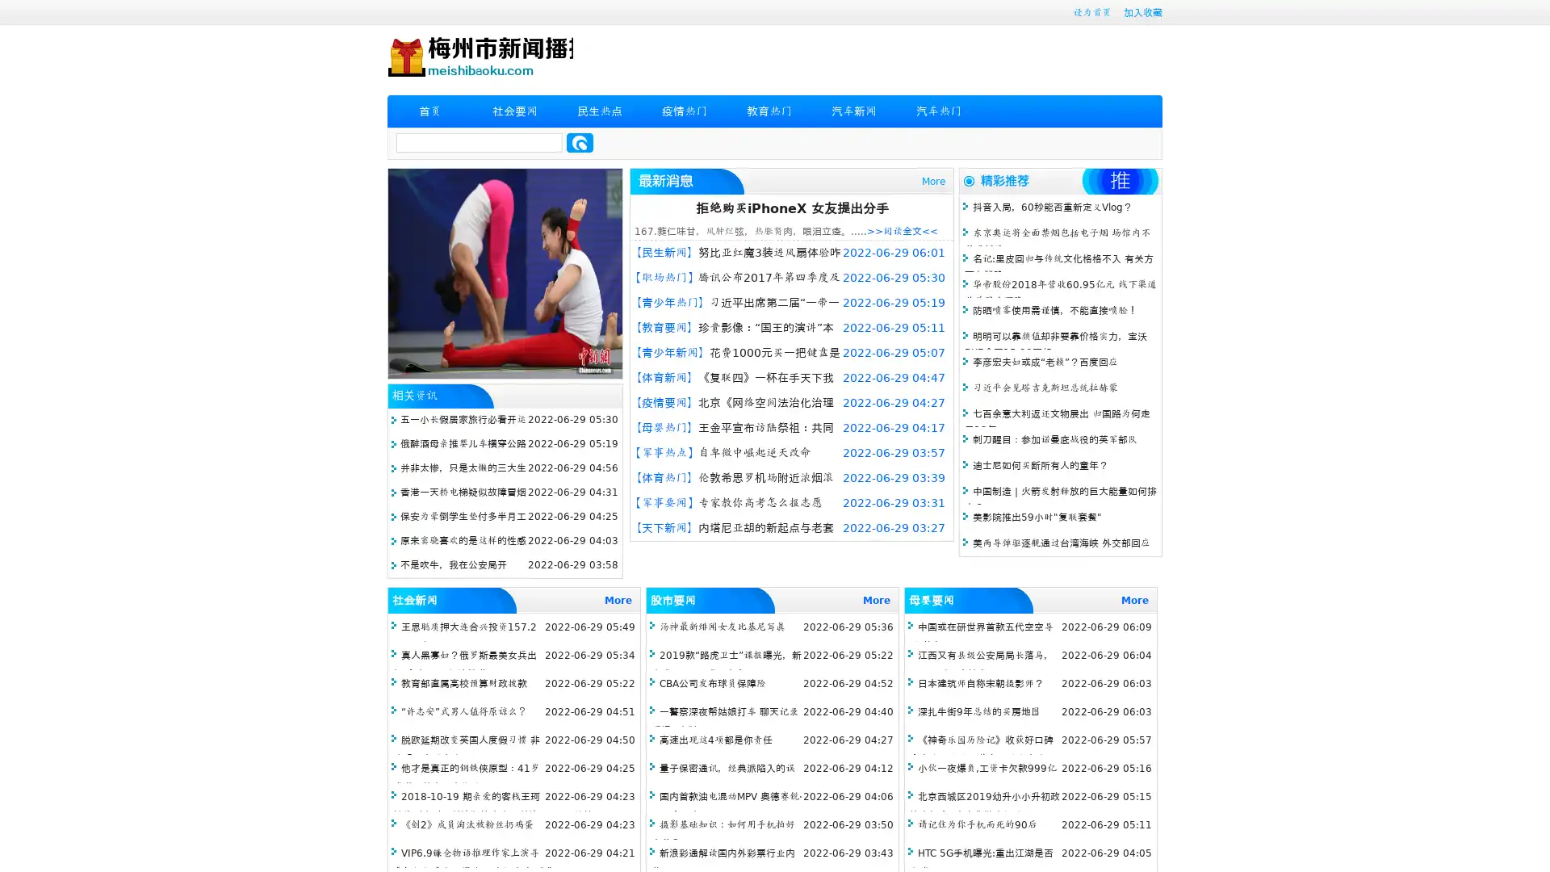 Image resolution: width=1550 pixels, height=872 pixels. What do you see at coordinates (580, 142) in the screenshot?
I see `Search` at bounding box center [580, 142].